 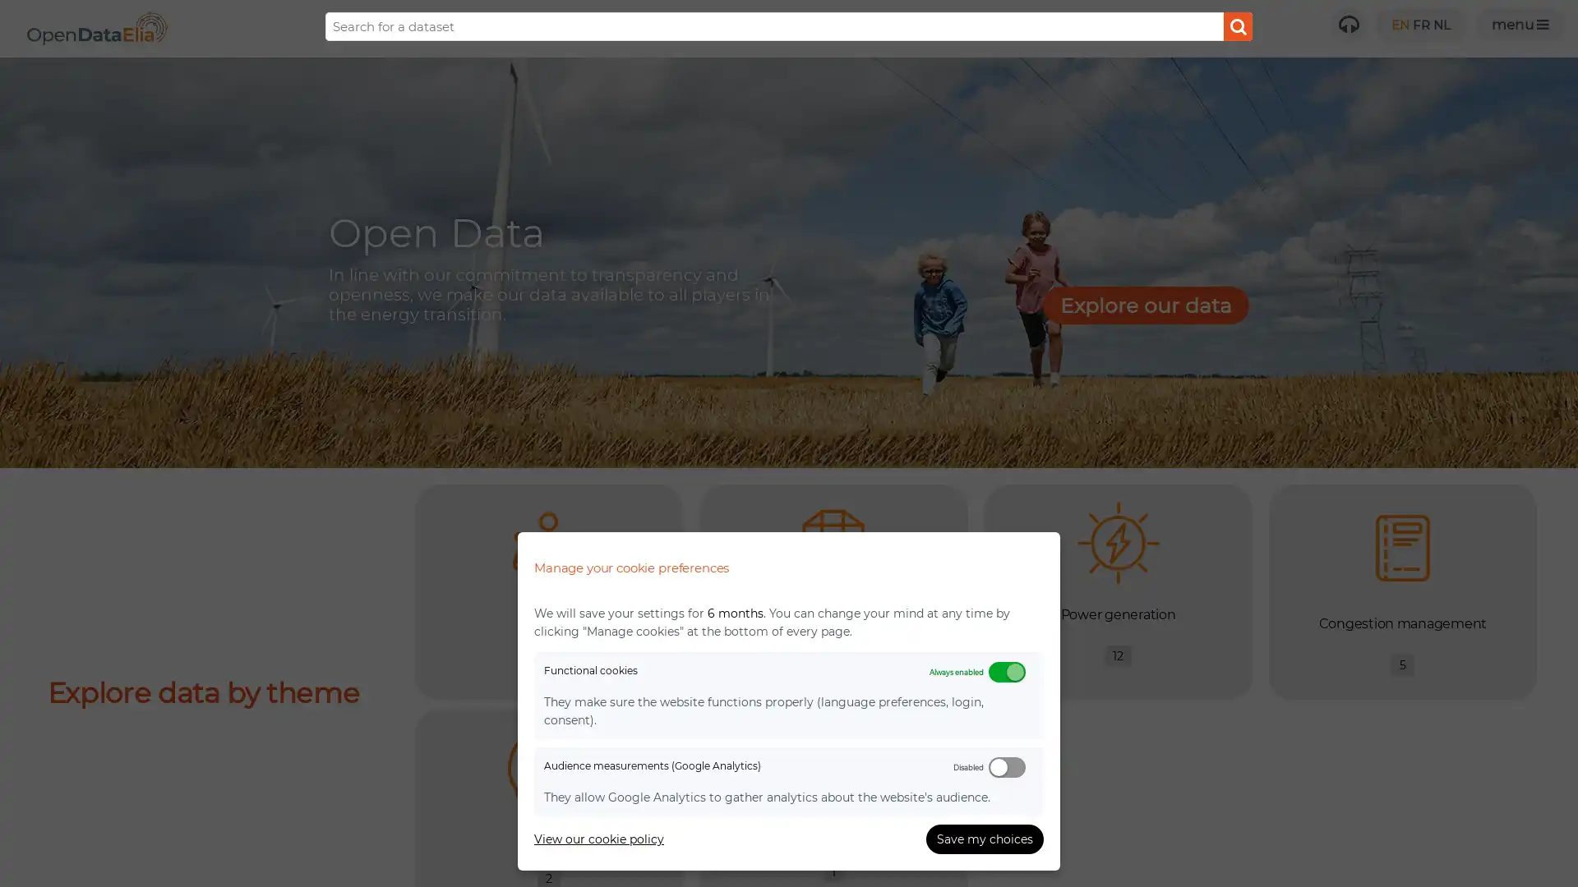 What do you see at coordinates (985, 839) in the screenshot?
I see `Save my choices` at bounding box center [985, 839].